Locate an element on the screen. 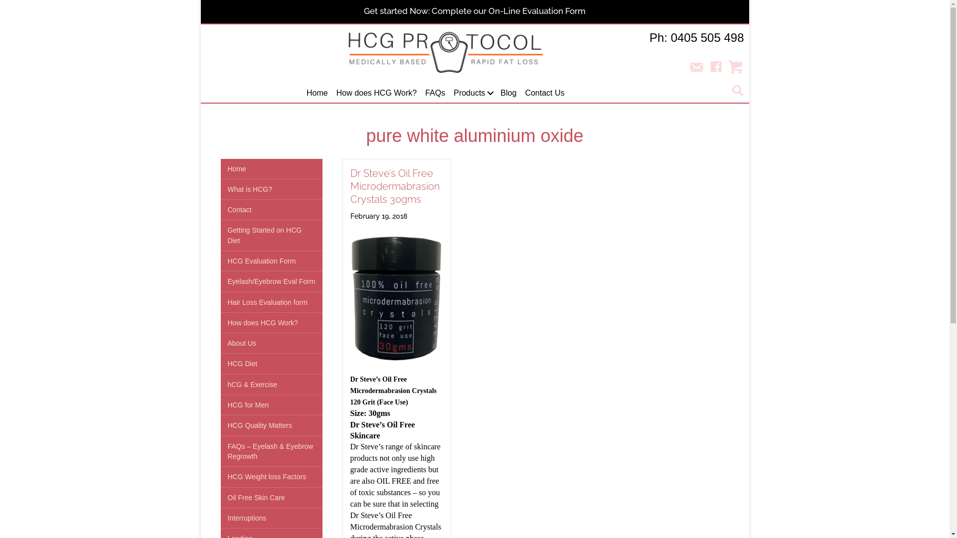 This screenshot has height=538, width=957. 'HCG Diet' is located at coordinates (271, 363).